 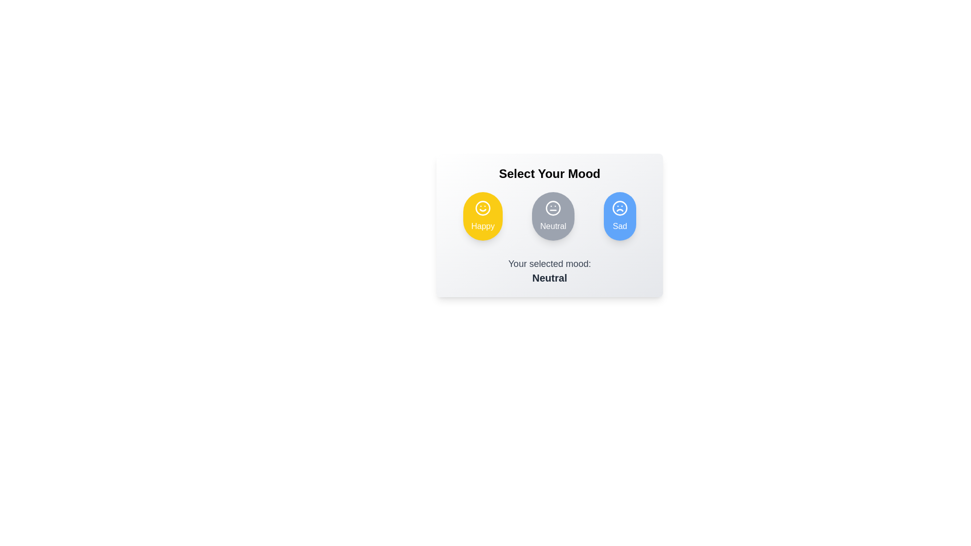 I want to click on text label indicating the 'Happy' mood option, which is located at the central bottom part of the yellow circular button with a smiley icon, so click(x=482, y=225).